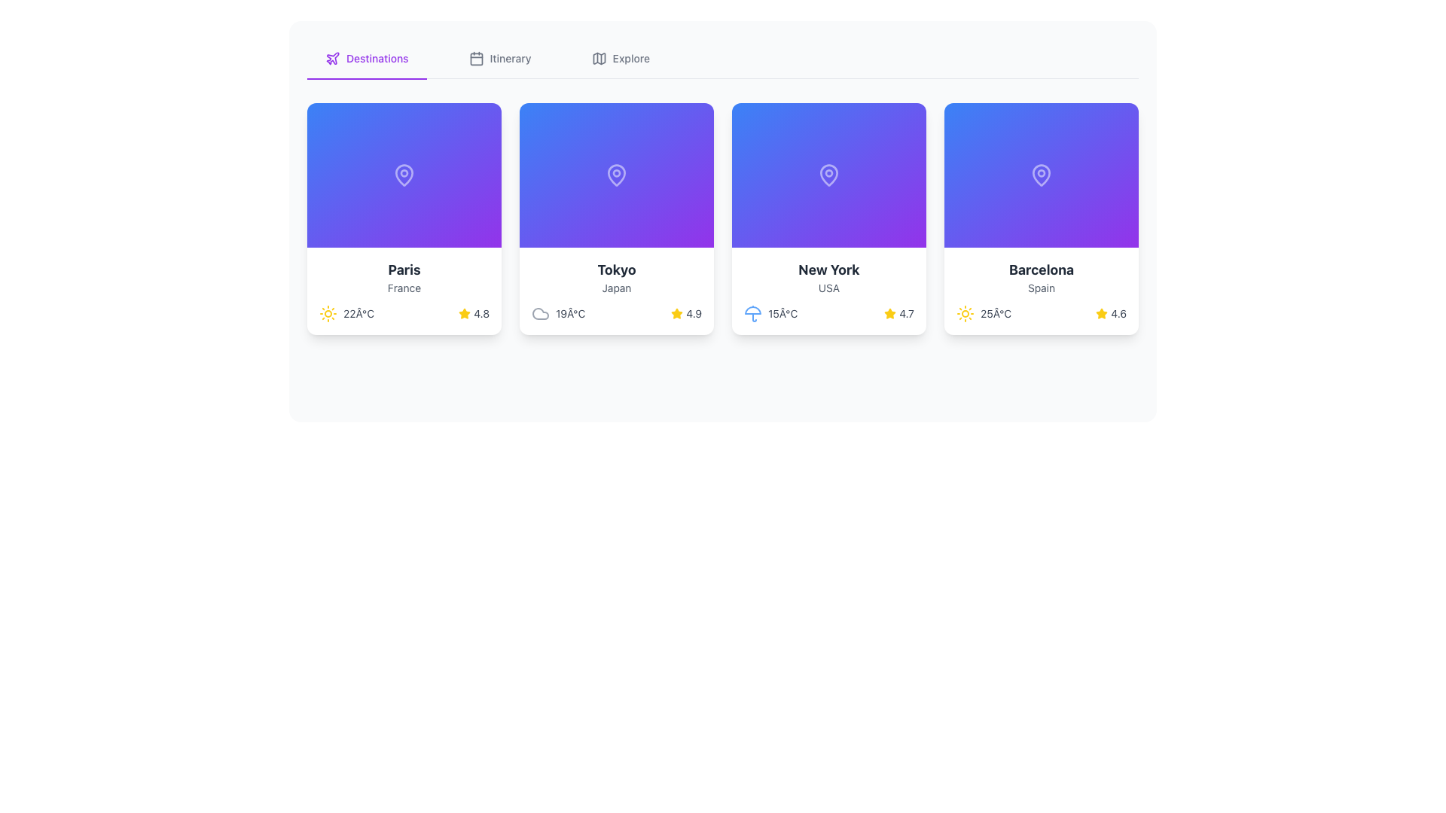 The image size is (1446, 813). What do you see at coordinates (557, 312) in the screenshot?
I see `temperature information displayed in the gray text label showing '19°C' next to the cloud icon in the weather section of the Tokyo, Japan card` at bounding box center [557, 312].